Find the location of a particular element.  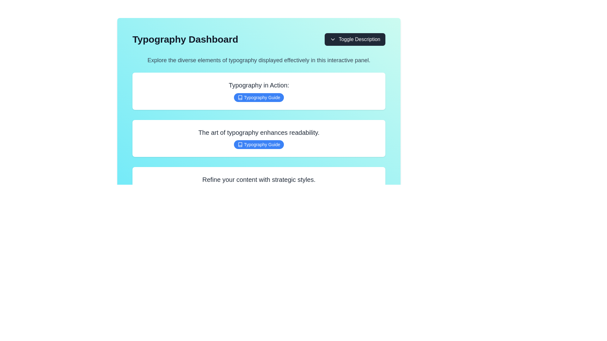

the 'Typography Guide' button with a blue background and white text, located in the 'Typography in Action:' section is located at coordinates (259, 97).